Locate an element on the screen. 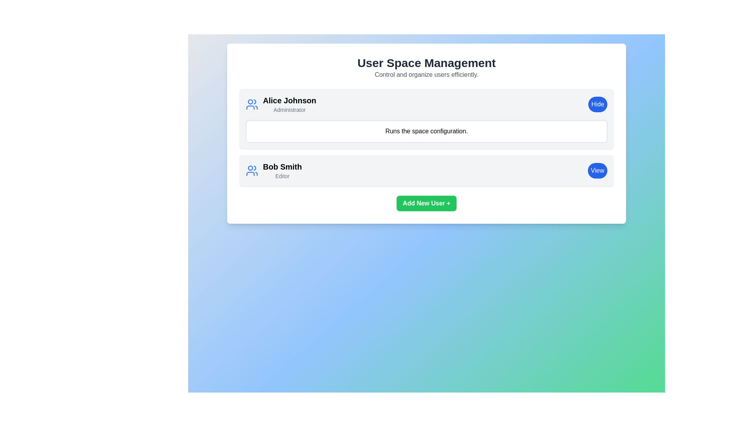  the text label styled in gray font that reads 'Administrator,' located below the name 'Alice Johnson' in the user detail card is located at coordinates (289, 110).